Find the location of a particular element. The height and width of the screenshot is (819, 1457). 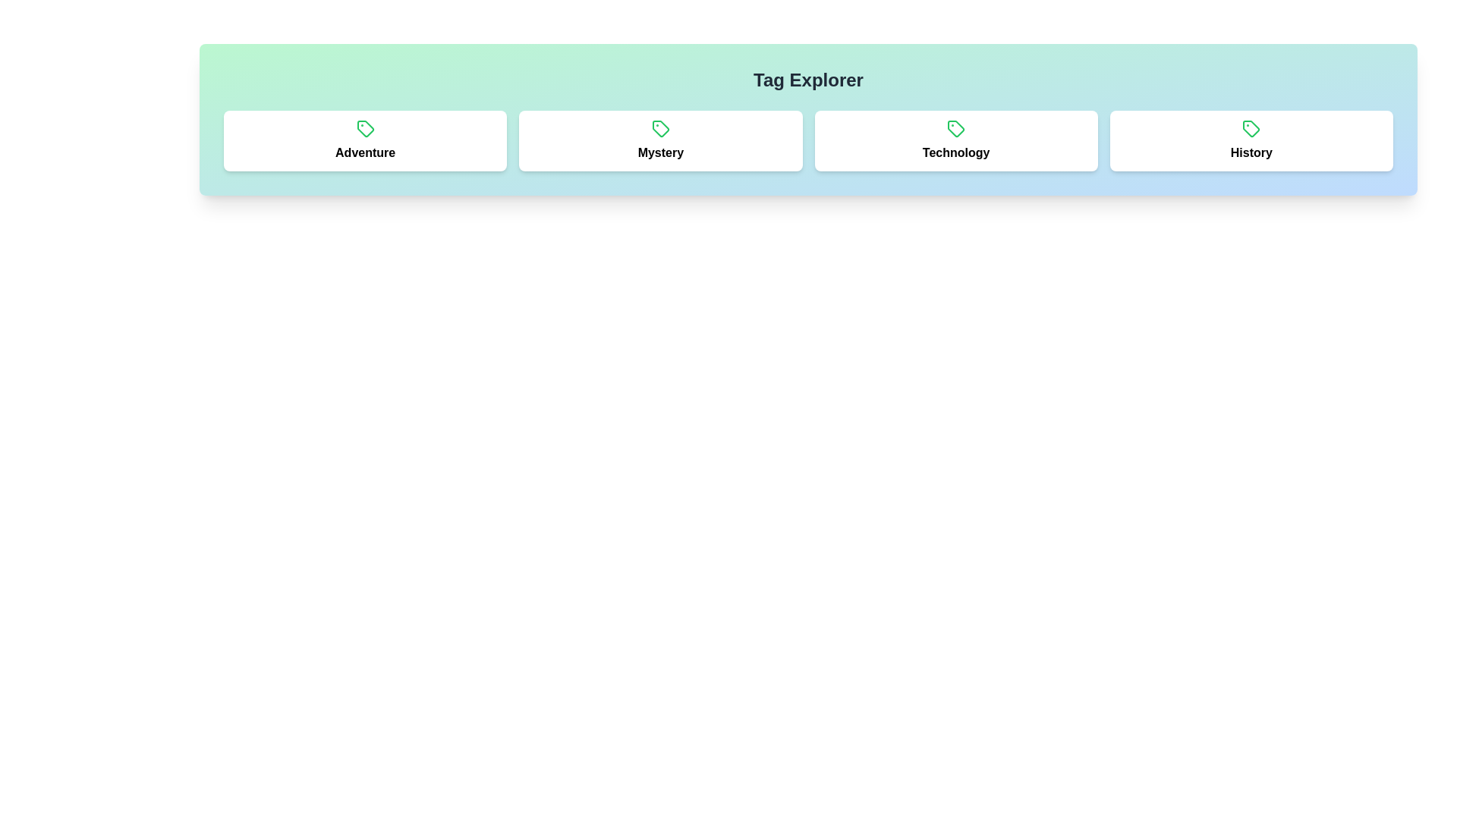

the 'Adventure' labeled card in the 'Tag Explorer' section to interact with its functionality is located at coordinates (365, 127).